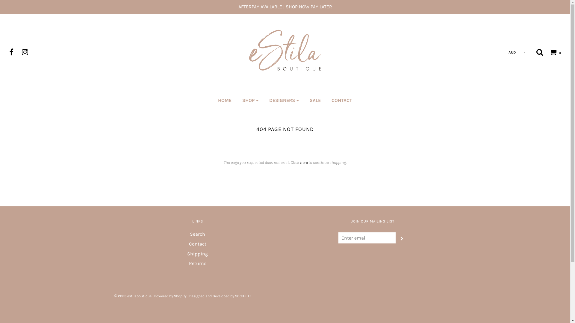  What do you see at coordinates (197, 245) in the screenshot?
I see `'Contact'` at bounding box center [197, 245].